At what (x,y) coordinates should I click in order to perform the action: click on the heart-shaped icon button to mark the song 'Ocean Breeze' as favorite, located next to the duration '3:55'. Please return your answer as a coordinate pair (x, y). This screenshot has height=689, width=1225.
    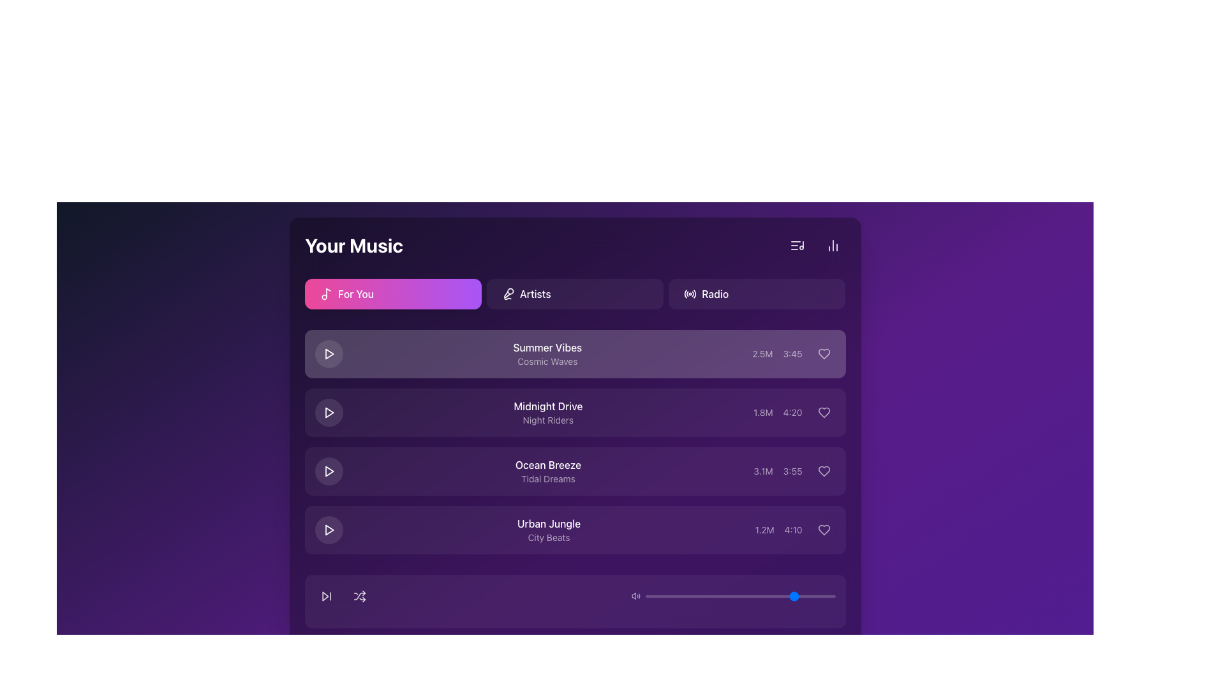
    Looking at the image, I should click on (824, 471).